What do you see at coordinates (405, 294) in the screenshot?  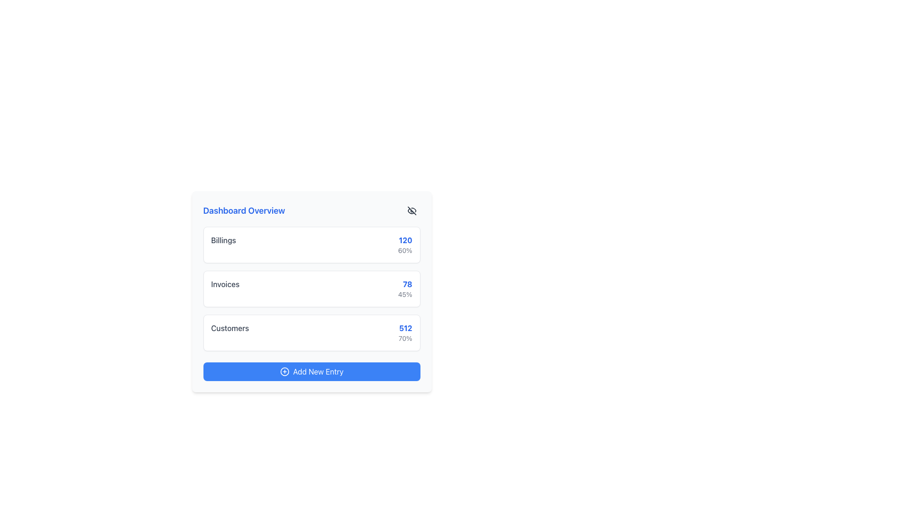 I see `the text label displaying '45%' which is positioned directly below the bold blue number '78' in the Invoices category` at bounding box center [405, 294].